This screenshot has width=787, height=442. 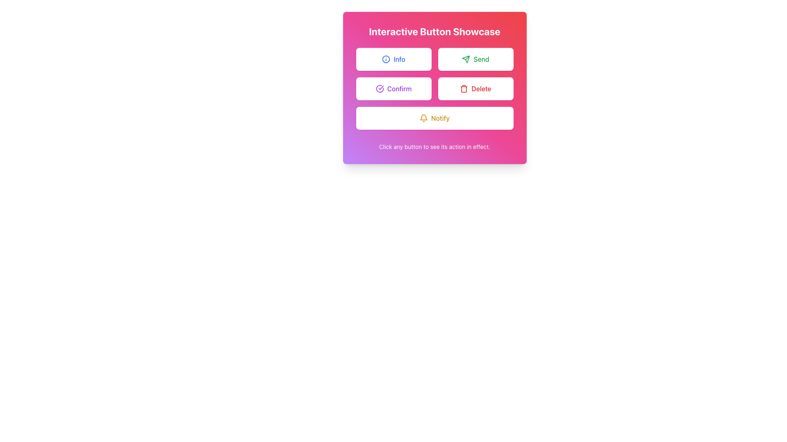 I want to click on the bell-shaped icon with a golden outline, which symbolizes notifications, located to the left of the 'Notify' text within the button in the bottom-center of the interactive button grid, so click(x=423, y=118).